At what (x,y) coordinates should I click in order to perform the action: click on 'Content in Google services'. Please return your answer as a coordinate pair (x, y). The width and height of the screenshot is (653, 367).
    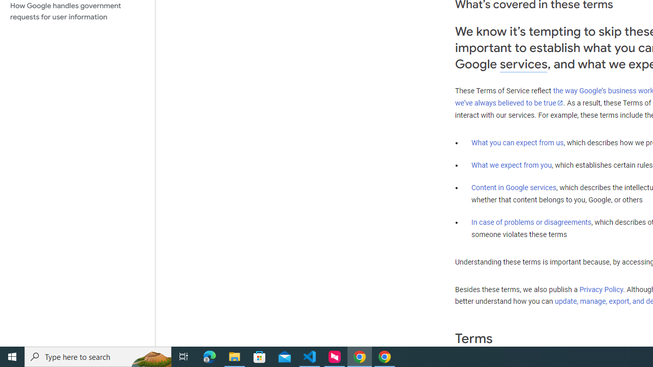
    Looking at the image, I should click on (514, 188).